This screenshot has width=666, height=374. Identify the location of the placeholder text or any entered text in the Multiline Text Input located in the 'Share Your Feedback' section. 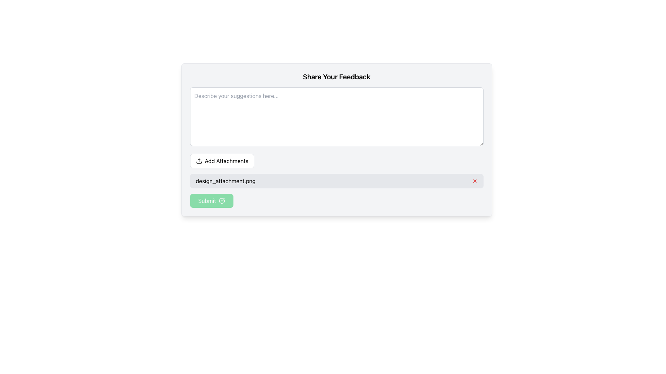
(336, 116).